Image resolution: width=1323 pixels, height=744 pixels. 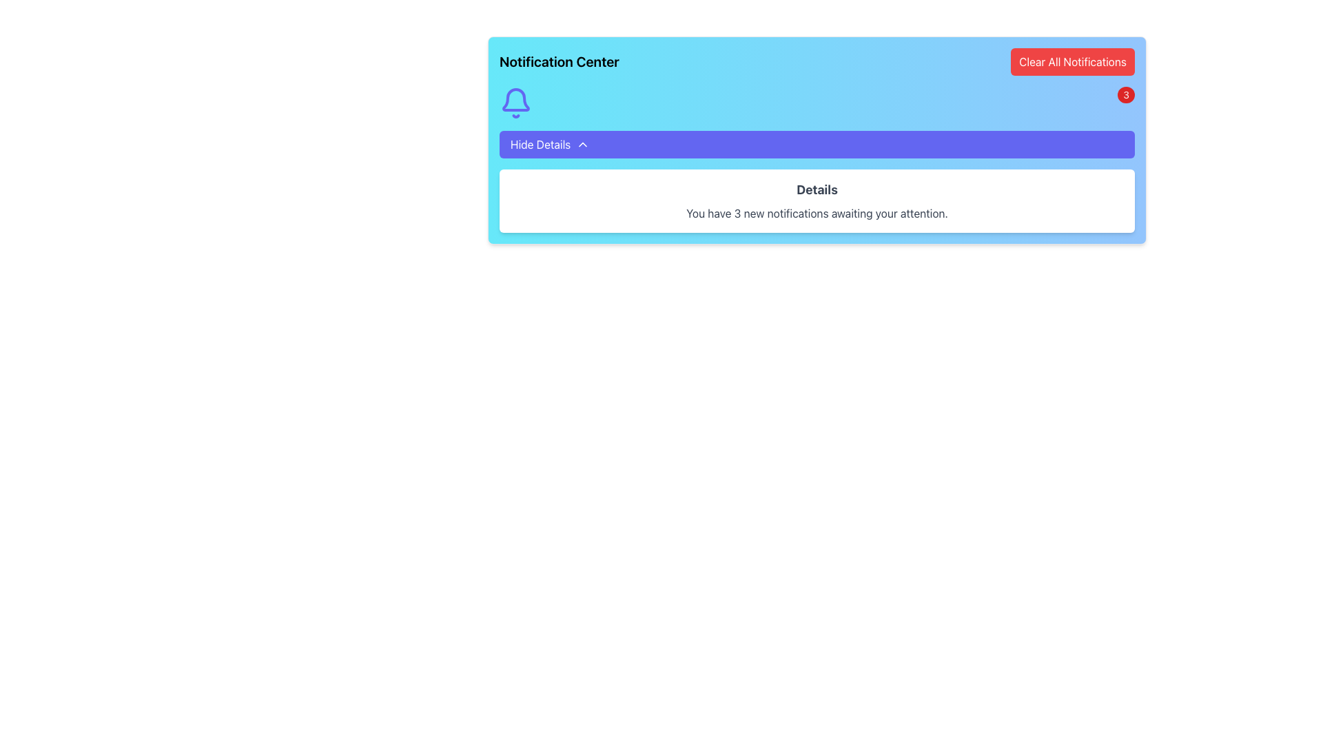 What do you see at coordinates (1072, 61) in the screenshot?
I see `the clear notifications button located at the upper right corner of the Notification Center, which has a blue gradient background` at bounding box center [1072, 61].